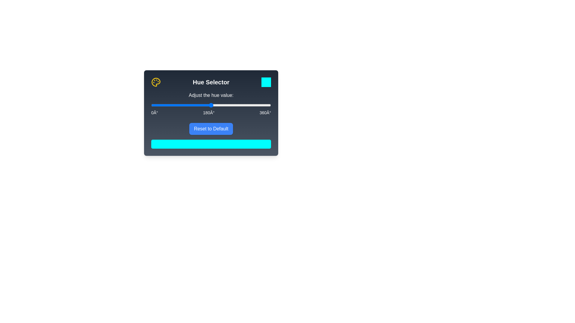 This screenshot has width=575, height=323. What do you see at coordinates (213, 105) in the screenshot?
I see `the hue slider to 186°` at bounding box center [213, 105].